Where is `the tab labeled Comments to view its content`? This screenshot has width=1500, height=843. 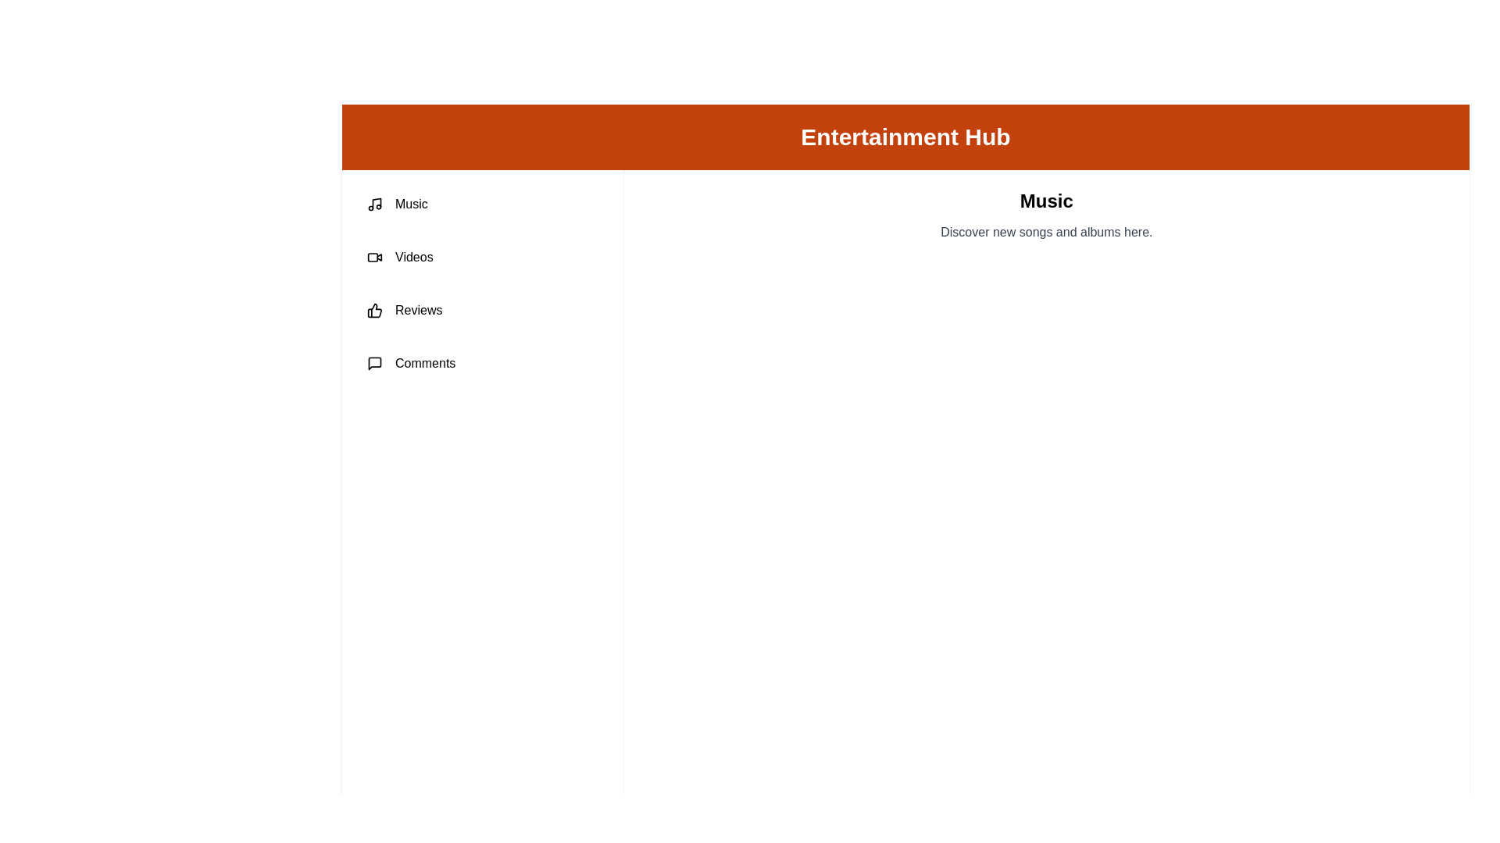 the tab labeled Comments to view its content is located at coordinates (482, 364).